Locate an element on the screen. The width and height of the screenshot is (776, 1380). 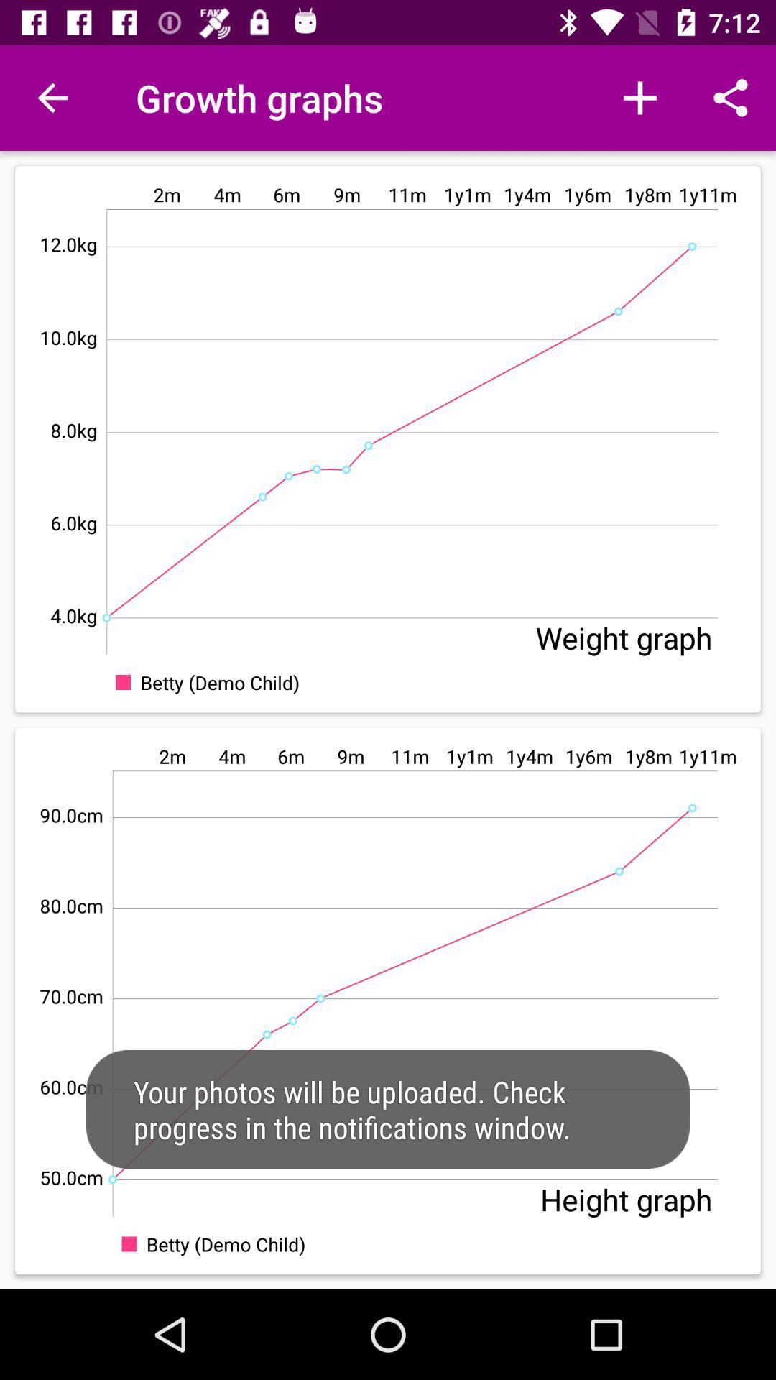
app next to the growth graphs is located at coordinates (52, 97).